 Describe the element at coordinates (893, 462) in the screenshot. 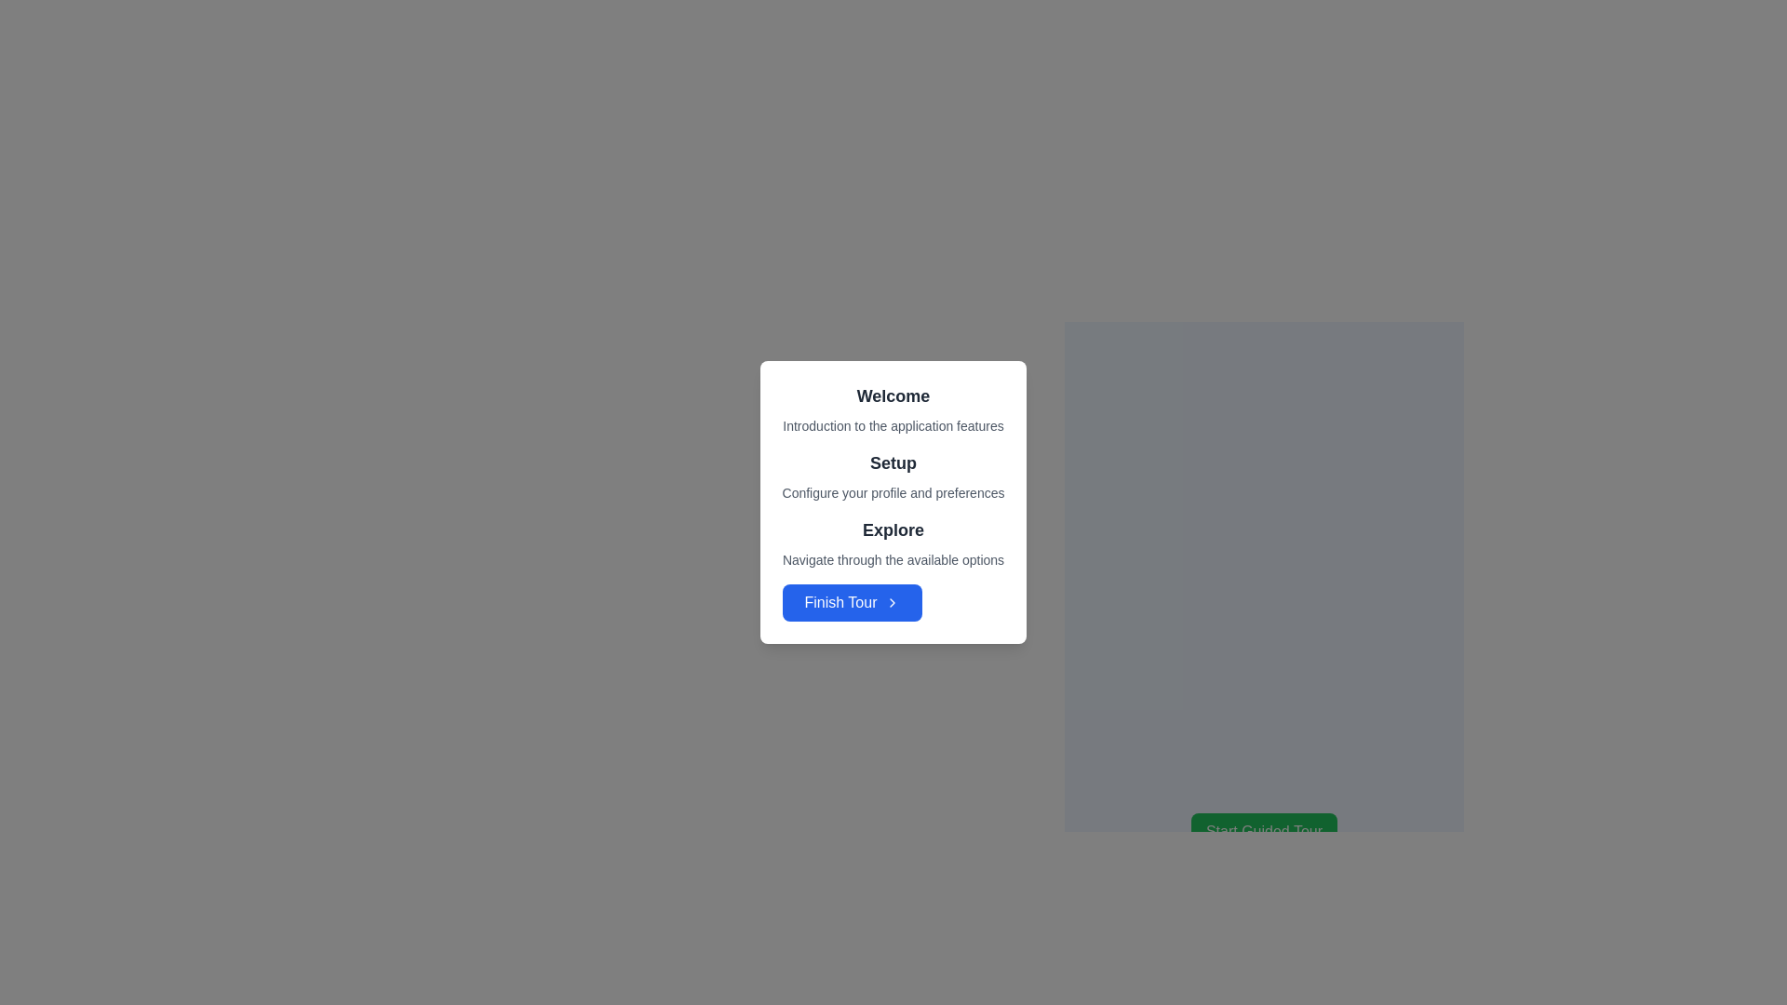

I see `the Text Header element displaying the word 'Setup' in bold and large font, which is located in the middle of a card-like interface` at that location.